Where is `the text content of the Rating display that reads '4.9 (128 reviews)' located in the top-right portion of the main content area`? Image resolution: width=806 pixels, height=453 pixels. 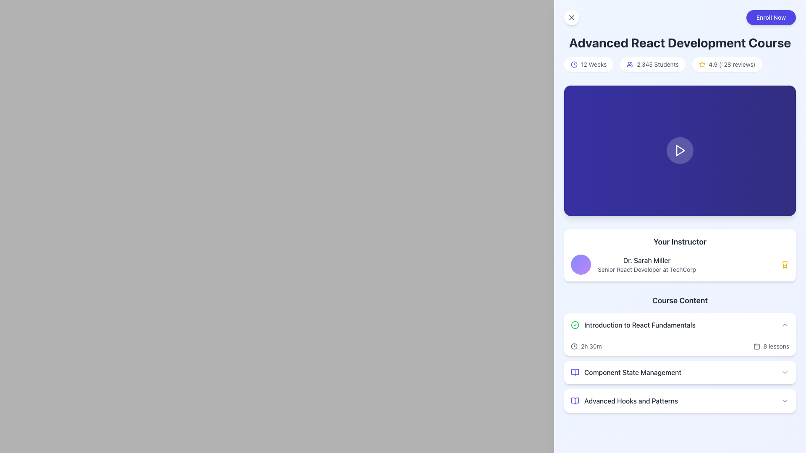 the text content of the Rating display that reads '4.9 (128 reviews)' located in the top-right portion of the main content area is located at coordinates (732, 64).